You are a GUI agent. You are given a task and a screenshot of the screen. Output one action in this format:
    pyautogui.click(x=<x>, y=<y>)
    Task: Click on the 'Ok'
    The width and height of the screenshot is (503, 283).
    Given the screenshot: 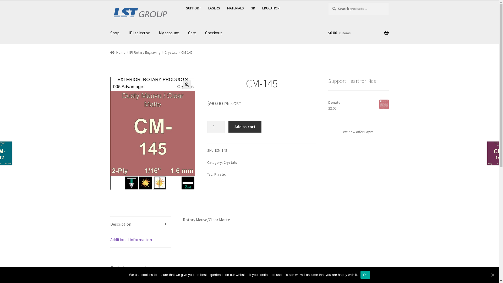 What is the action you would take?
    pyautogui.click(x=365, y=275)
    